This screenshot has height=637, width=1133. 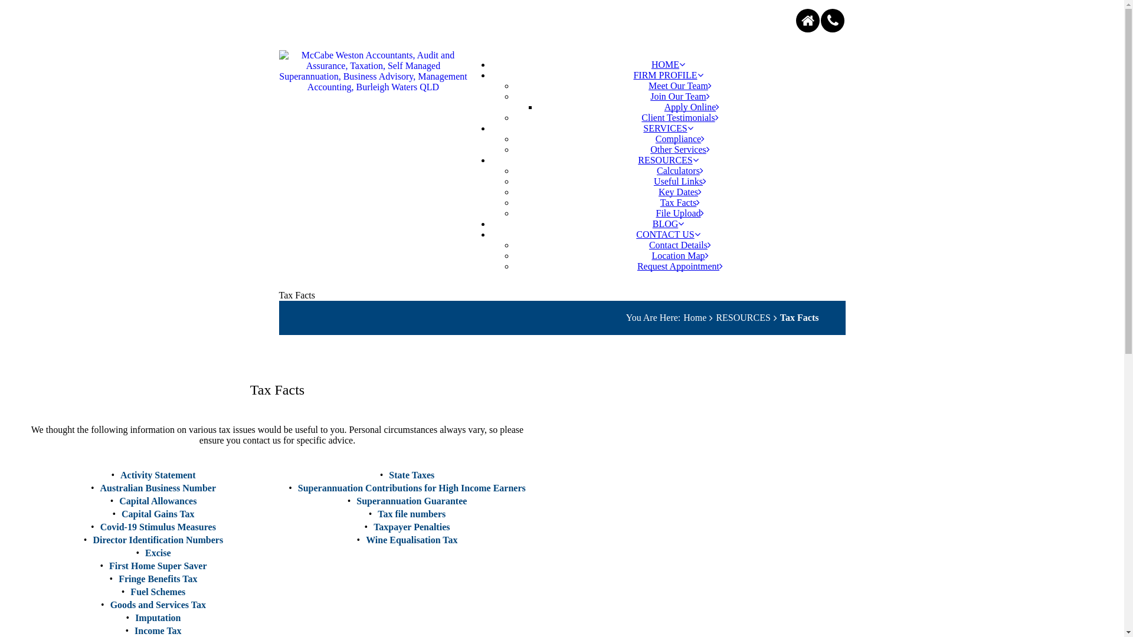 I want to click on 'Covid-19 Stimulus Measures', so click(x=158, y=526).